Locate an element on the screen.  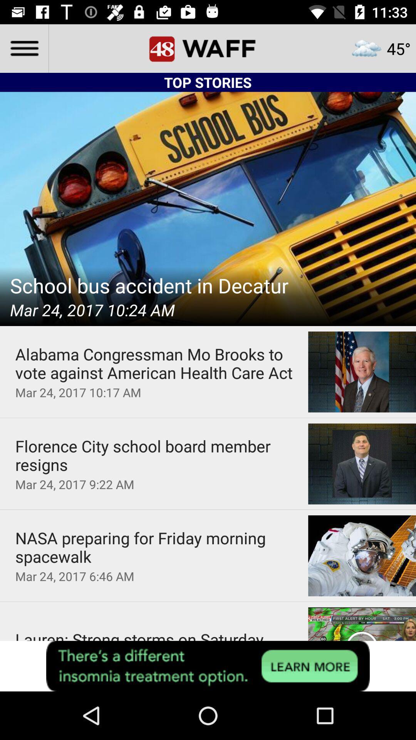
the menu icon is located at coordinates (23, 48).